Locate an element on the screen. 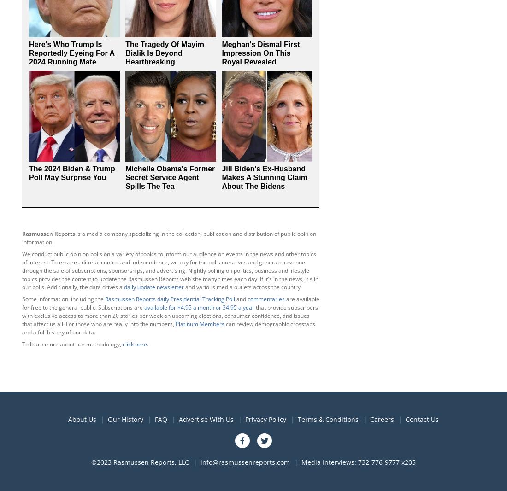 This screenshot has width=507, height=491. 'click here' is located at coordinates (122, 343).